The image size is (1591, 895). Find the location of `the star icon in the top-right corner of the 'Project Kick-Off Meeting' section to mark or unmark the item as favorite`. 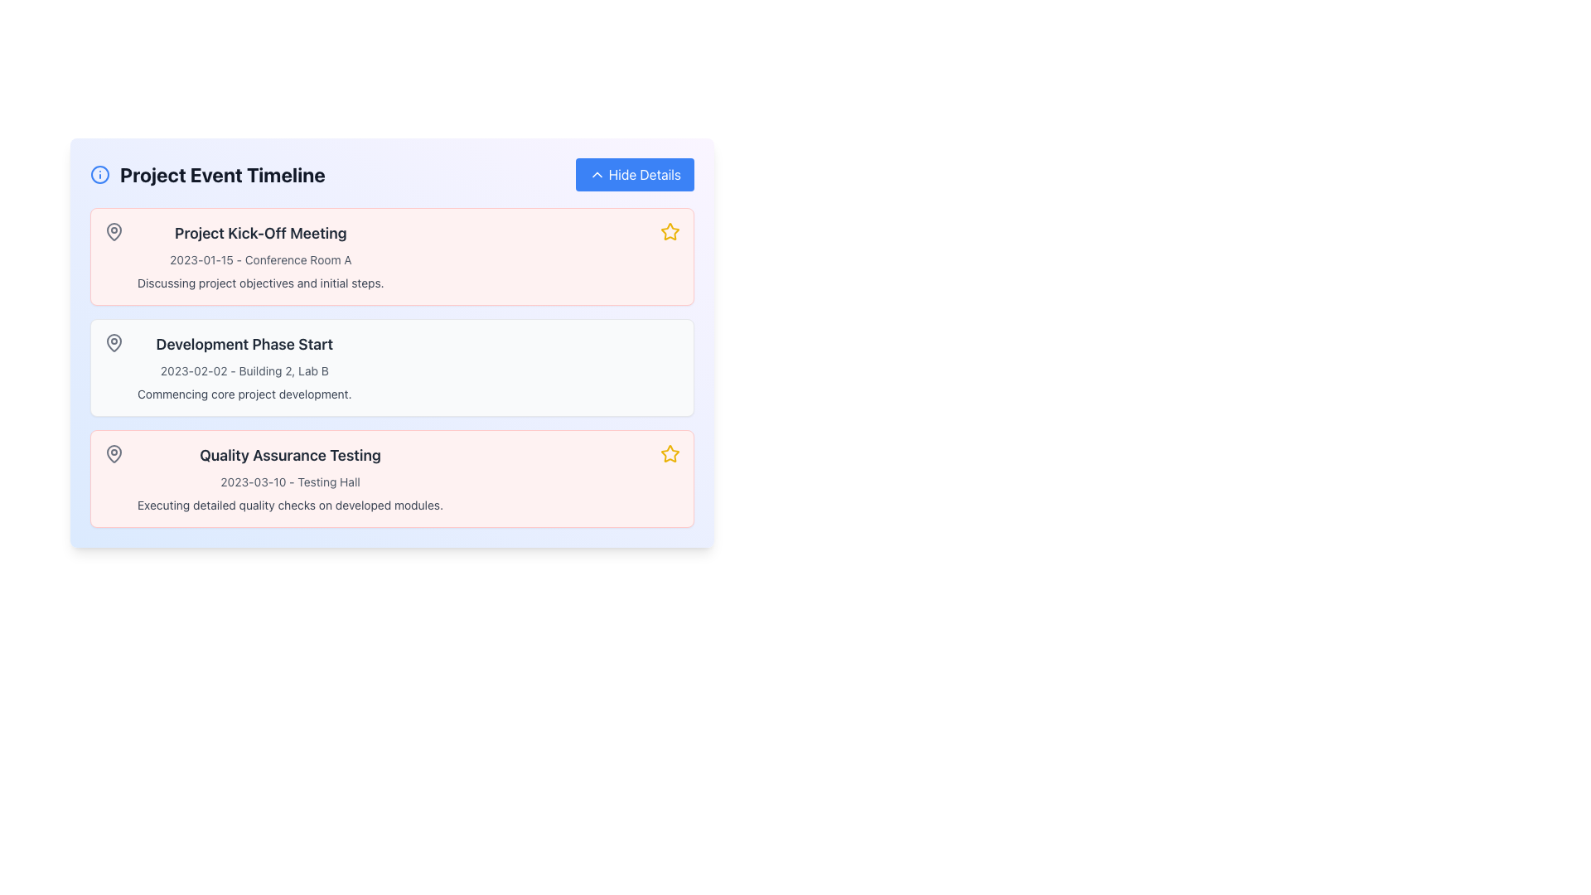

the star icon in the top-right corner of the 'Project Kick-Off Meeting' section to mark or unmark the item as favorite is located at coordinates (670, 232).